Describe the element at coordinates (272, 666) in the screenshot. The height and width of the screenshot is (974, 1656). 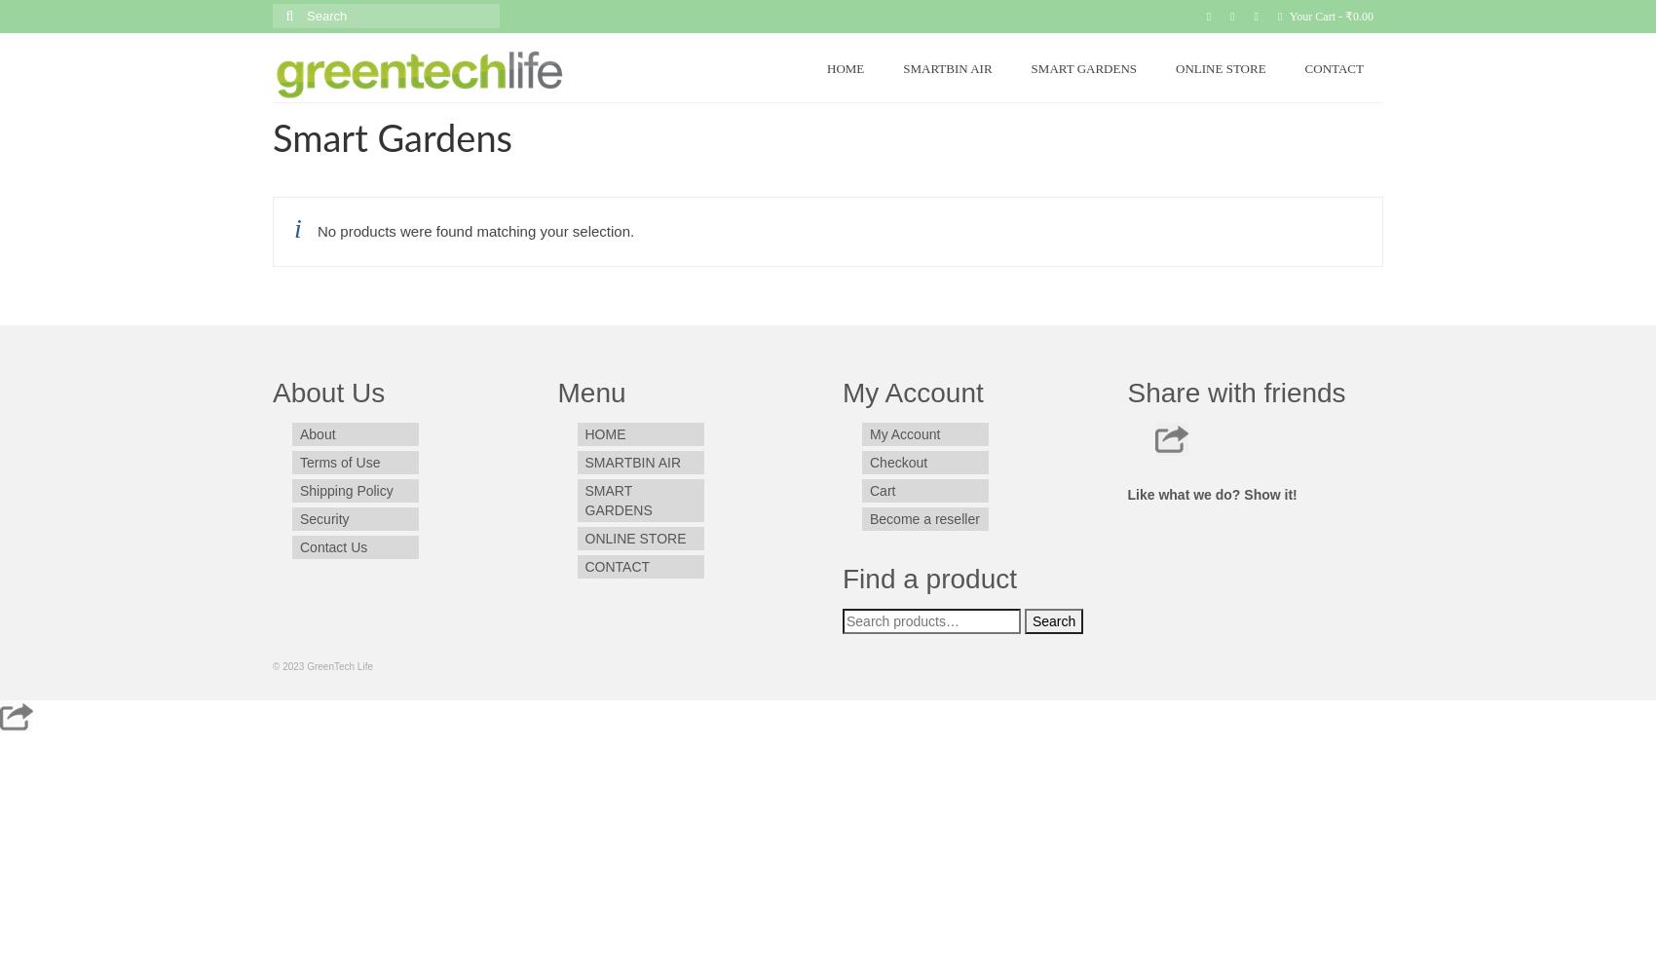
I see `'© 2023 GreenTech Life'` at that location.